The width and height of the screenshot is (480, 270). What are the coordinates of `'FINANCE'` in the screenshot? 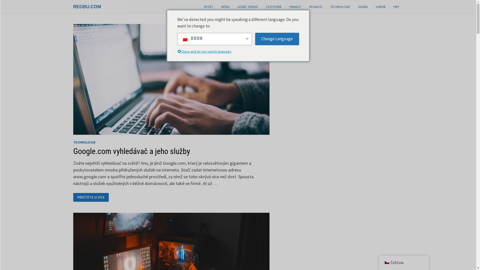 It's located at (295, 7).